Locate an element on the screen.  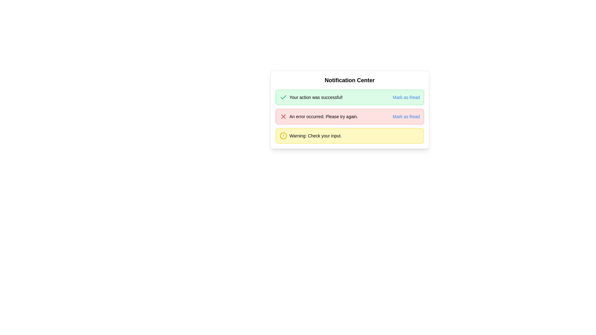
the error/warning icon located to the left of the notification text 'An error occurred. Please try again.' in the second row of the notification center is located at coordinates (283, 116).